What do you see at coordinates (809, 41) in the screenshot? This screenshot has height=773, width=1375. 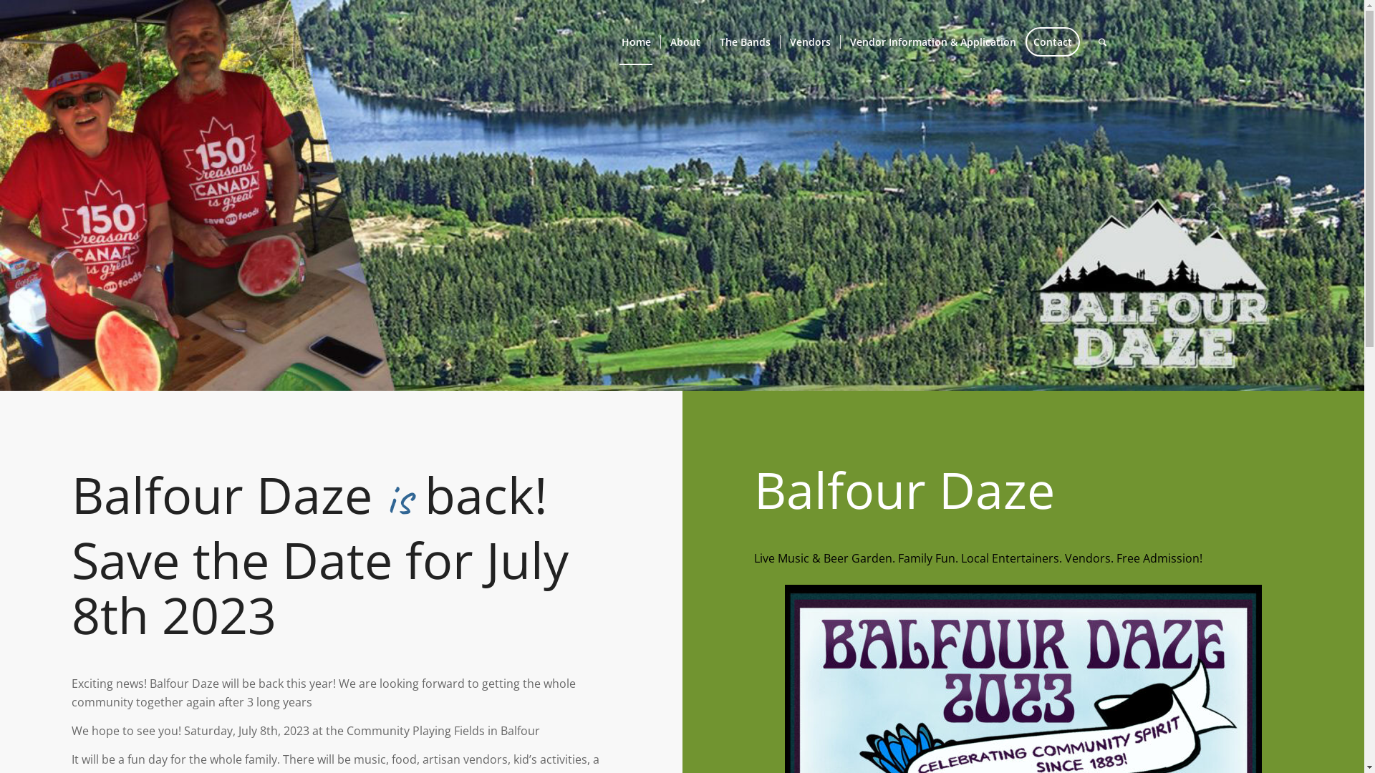 I see `'Vendors'` at bounding box center [809, 41].